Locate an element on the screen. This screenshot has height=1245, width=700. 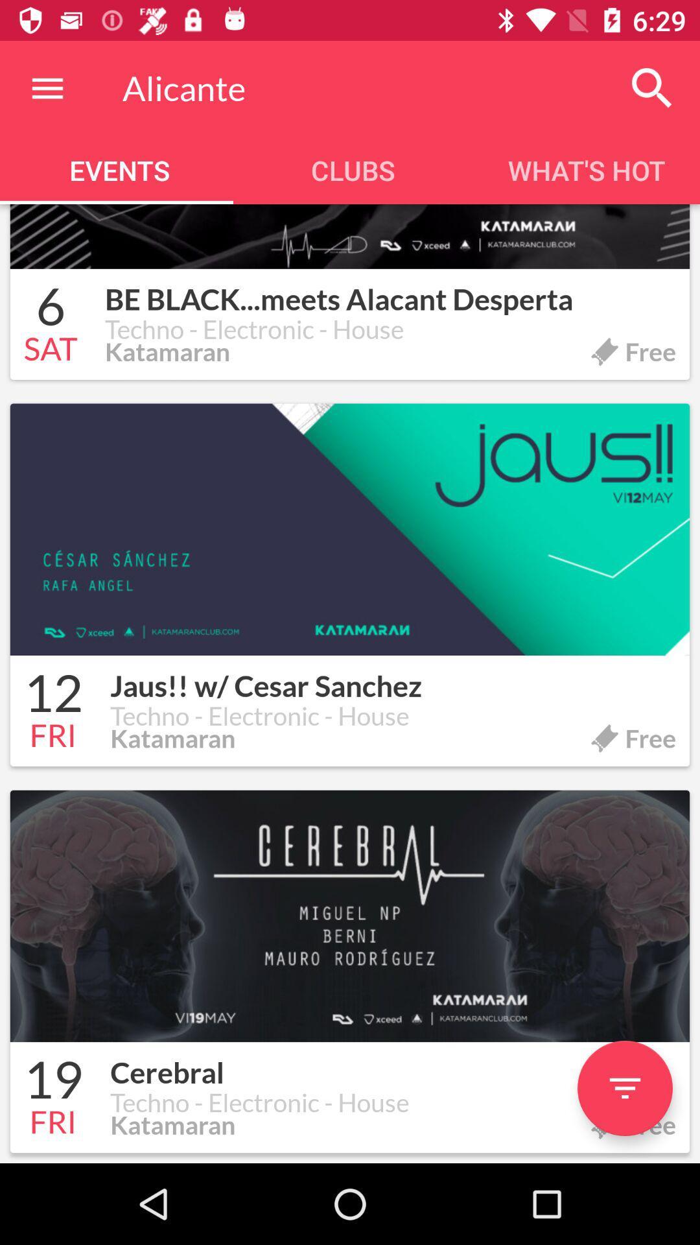
the icon to the left of the cerebral is located at coordinates (52, 1082).